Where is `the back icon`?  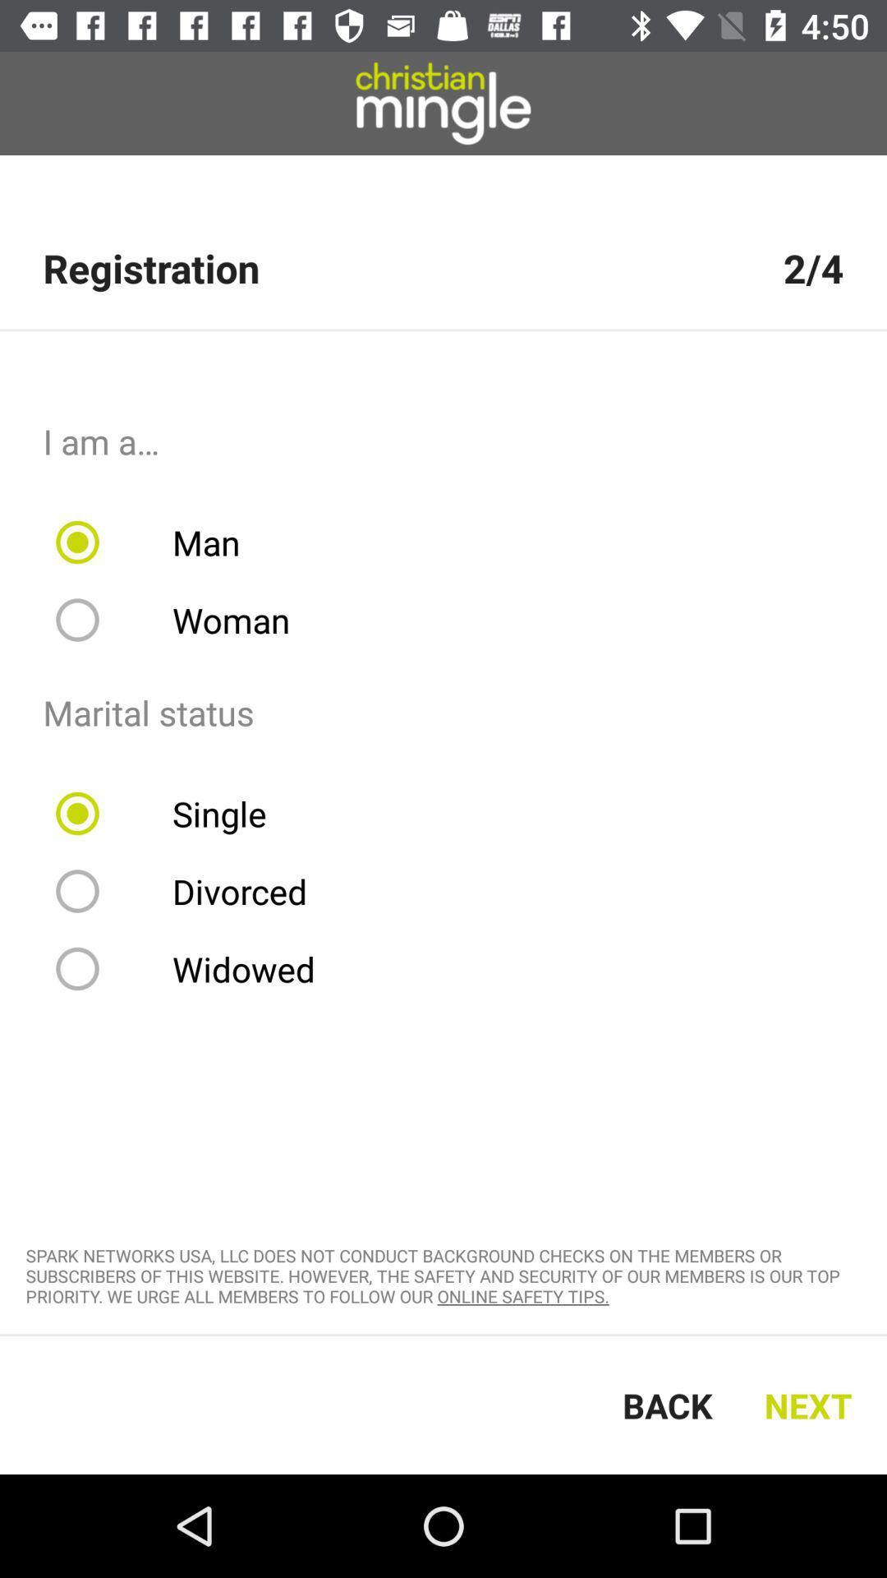
the back icon is located at coordinates (668, 1404).